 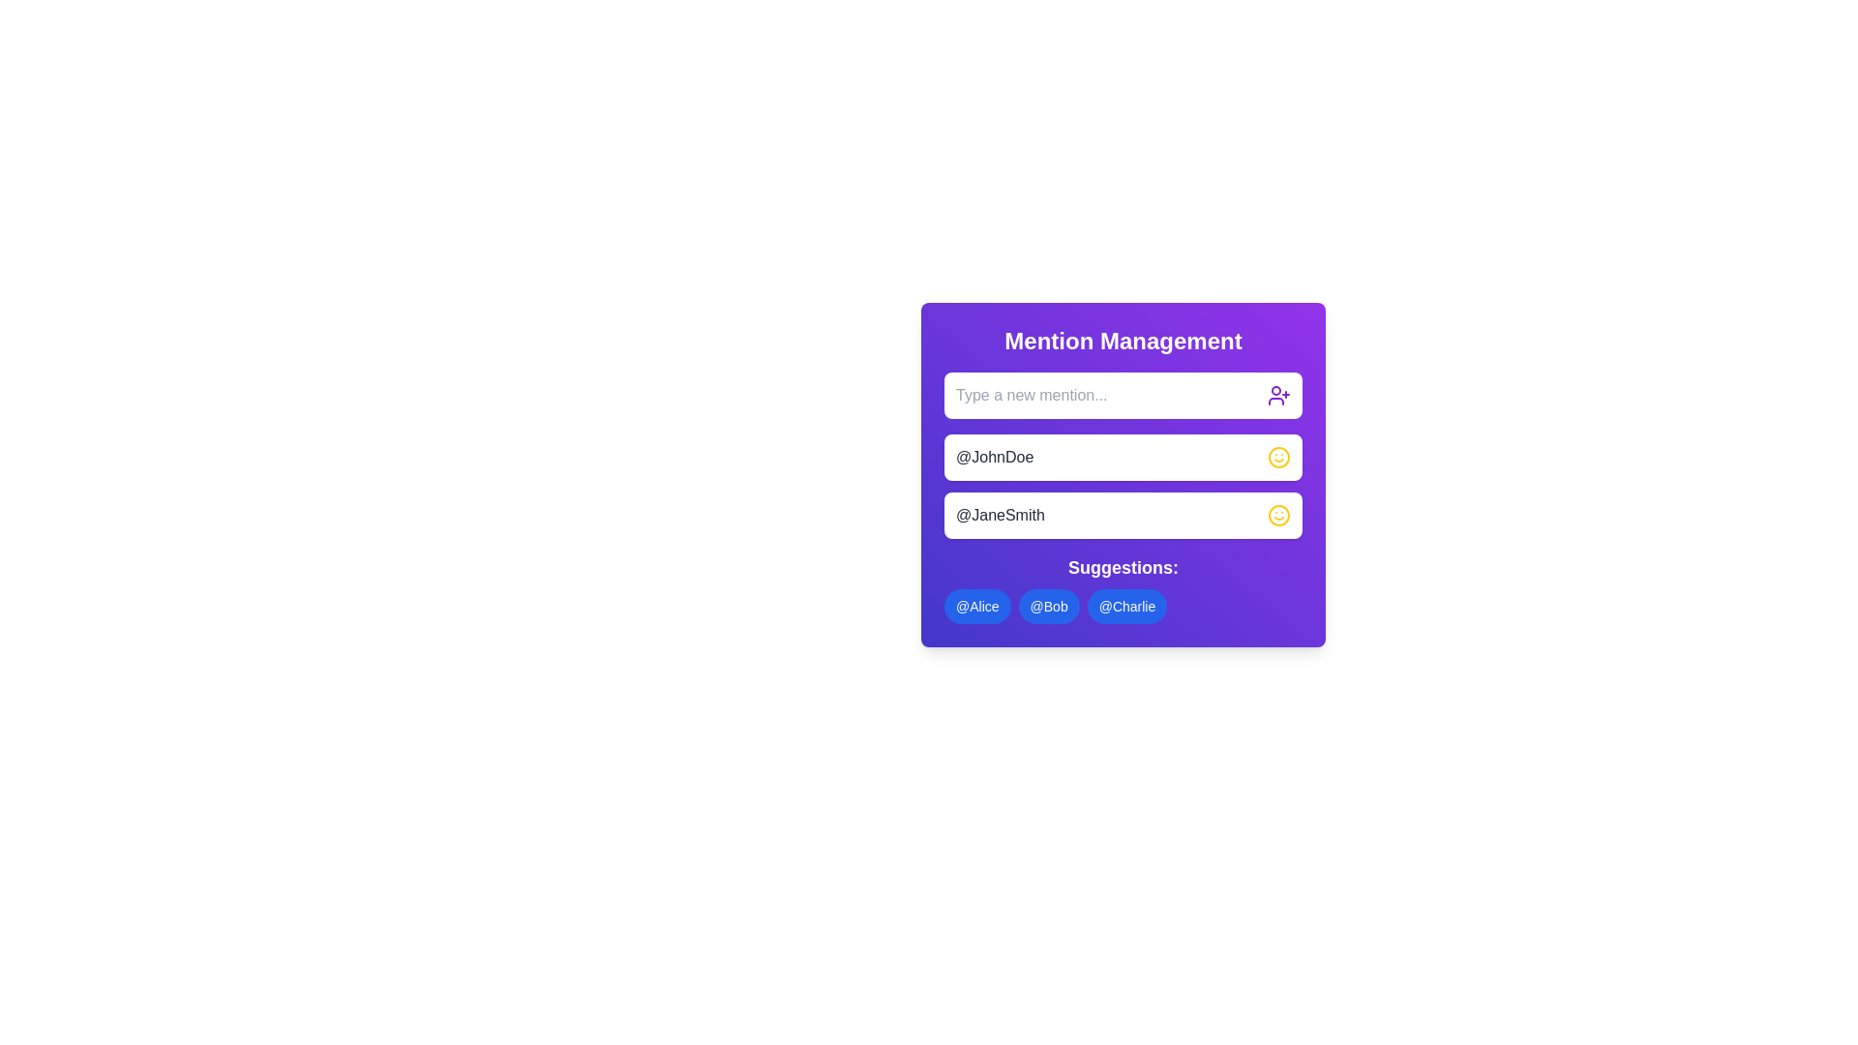 What do you see at coordinates (1124, 474) in the screenshot?
I see `the text display containing the username '@JohnDoe' within the 'Mention Management' purple frame` at bounding box center [1124, 474].